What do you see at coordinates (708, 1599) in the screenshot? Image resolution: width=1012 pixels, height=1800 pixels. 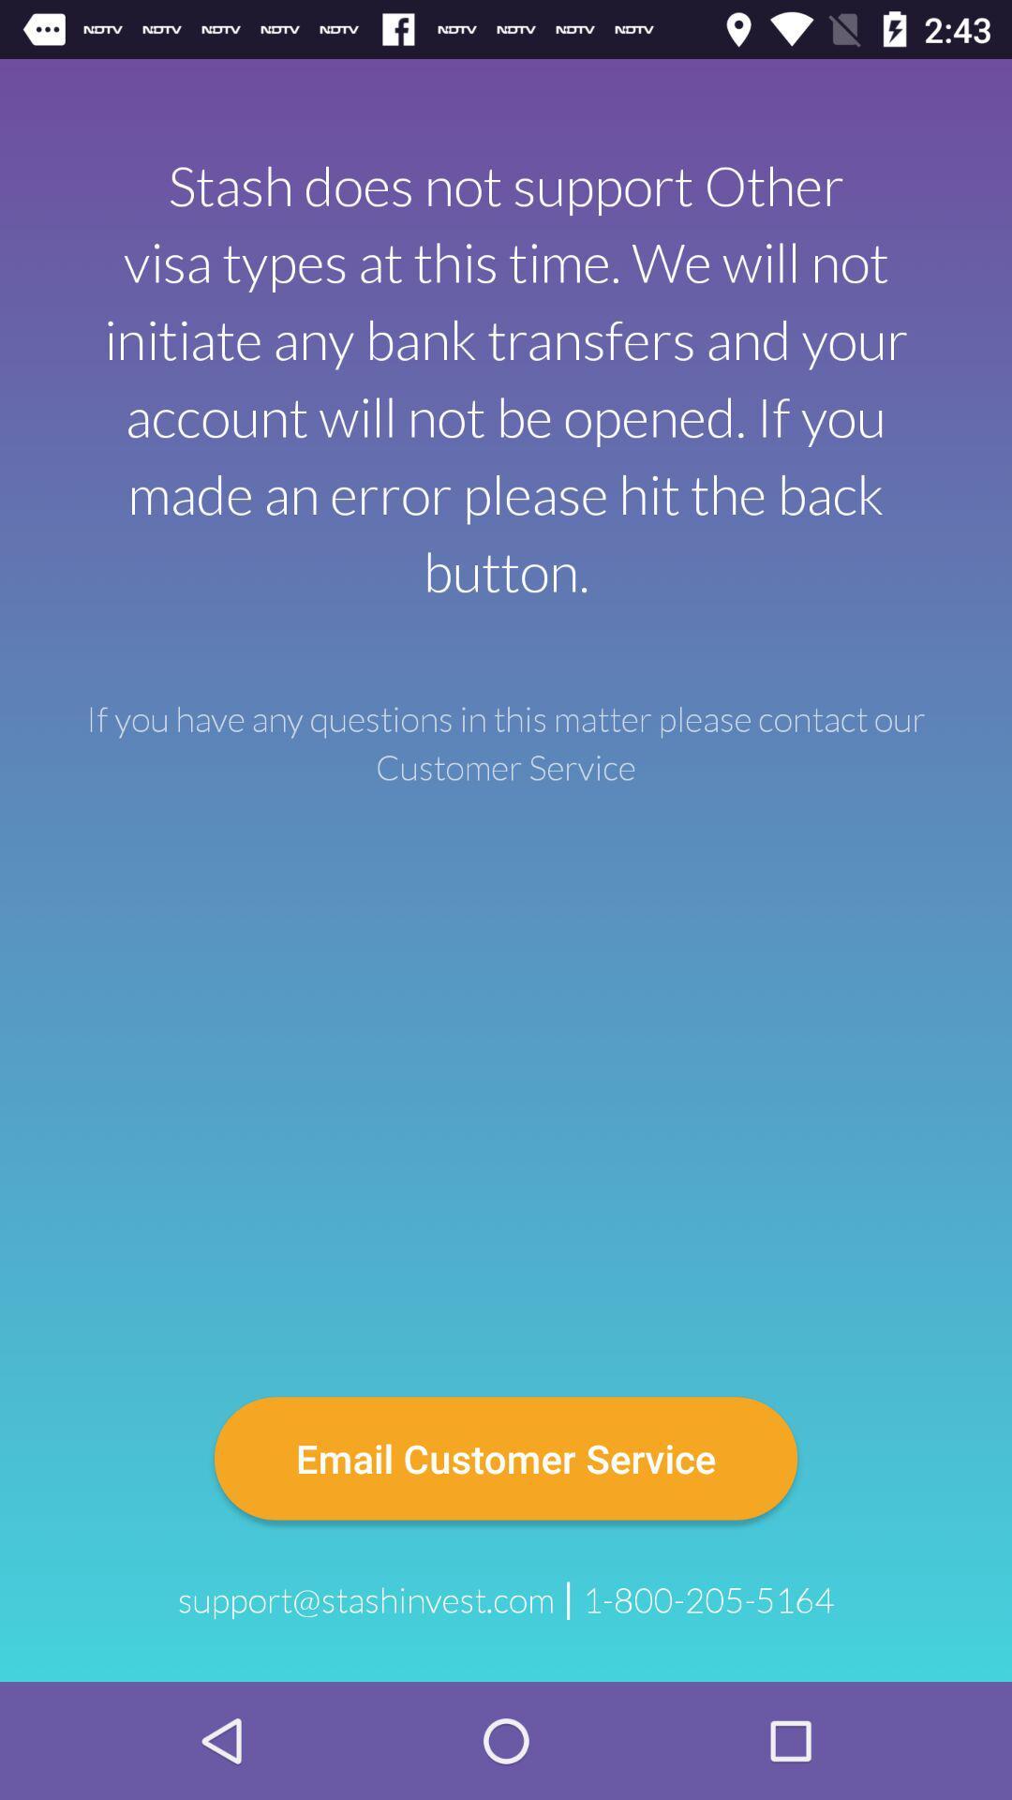 I see `icon at the bottom right corner` at bounding box center [708, 1599].